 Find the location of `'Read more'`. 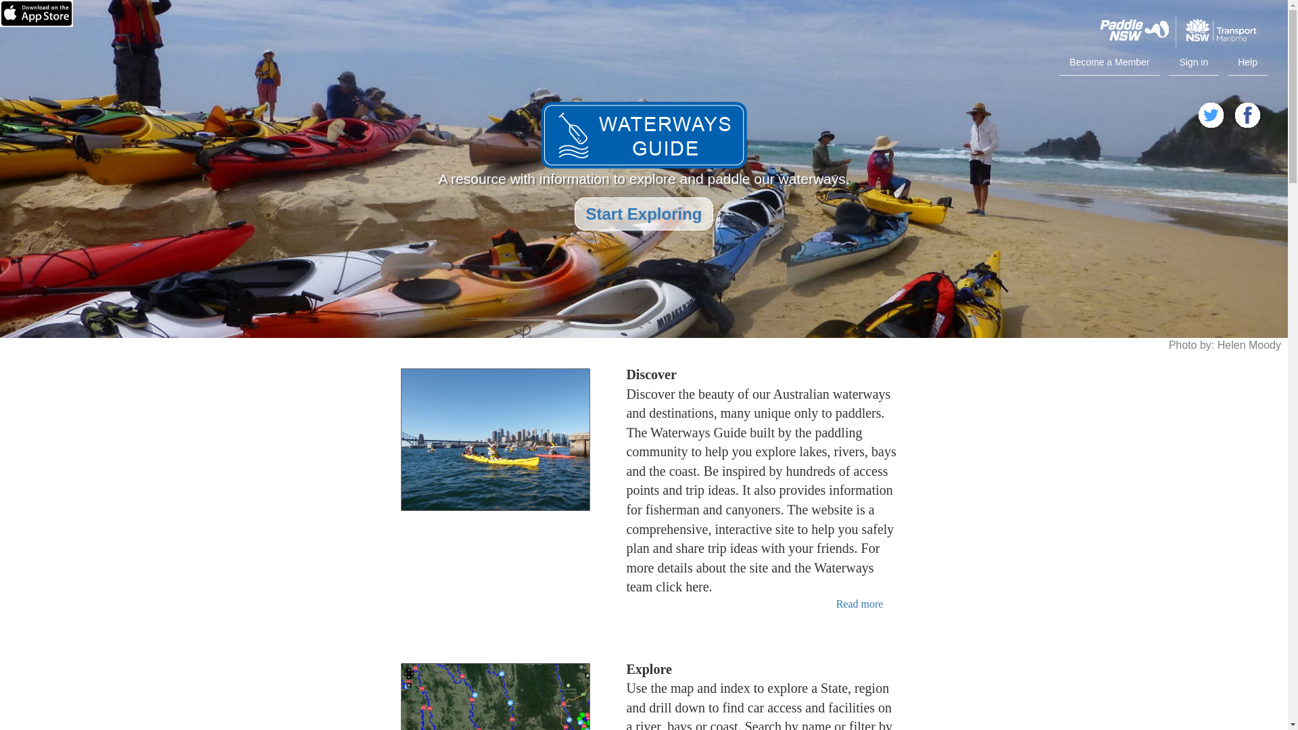

'Read more' is located at coordinates (836, 603).